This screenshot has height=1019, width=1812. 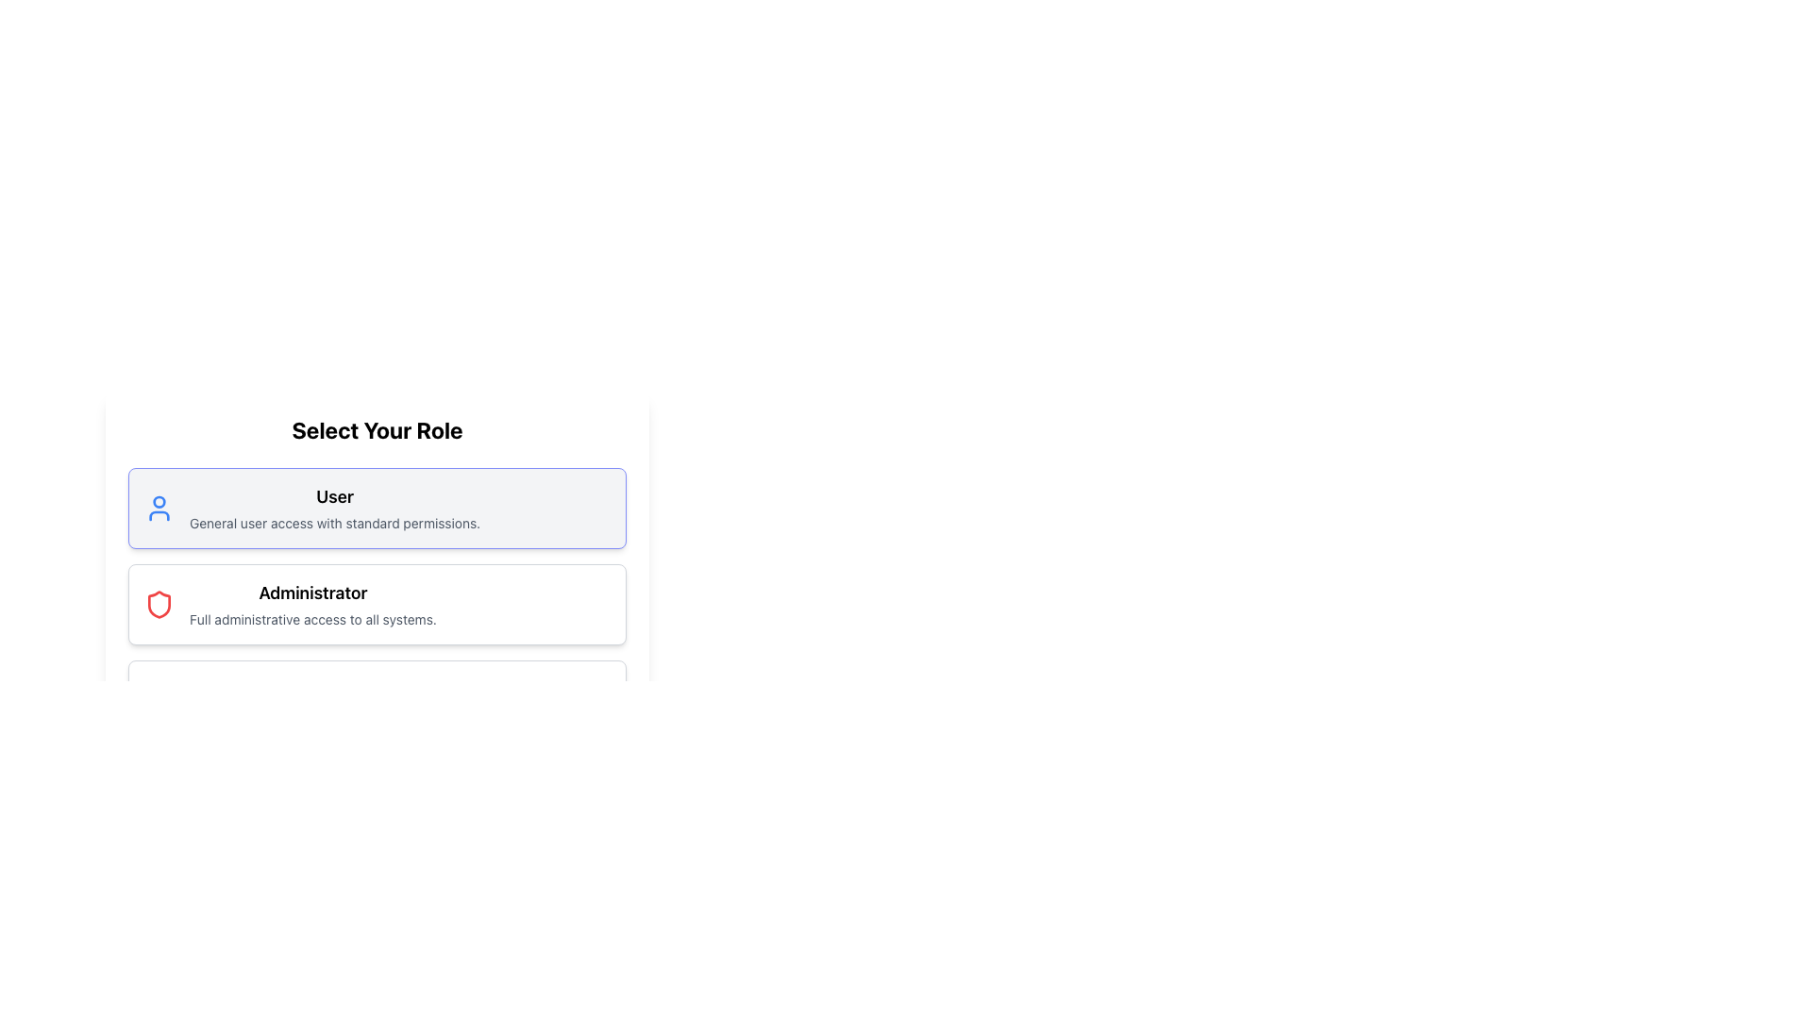 I want to click on the upper circle of the user profile icon in the 'Select Your Role' section, so click(x=159, y=501).